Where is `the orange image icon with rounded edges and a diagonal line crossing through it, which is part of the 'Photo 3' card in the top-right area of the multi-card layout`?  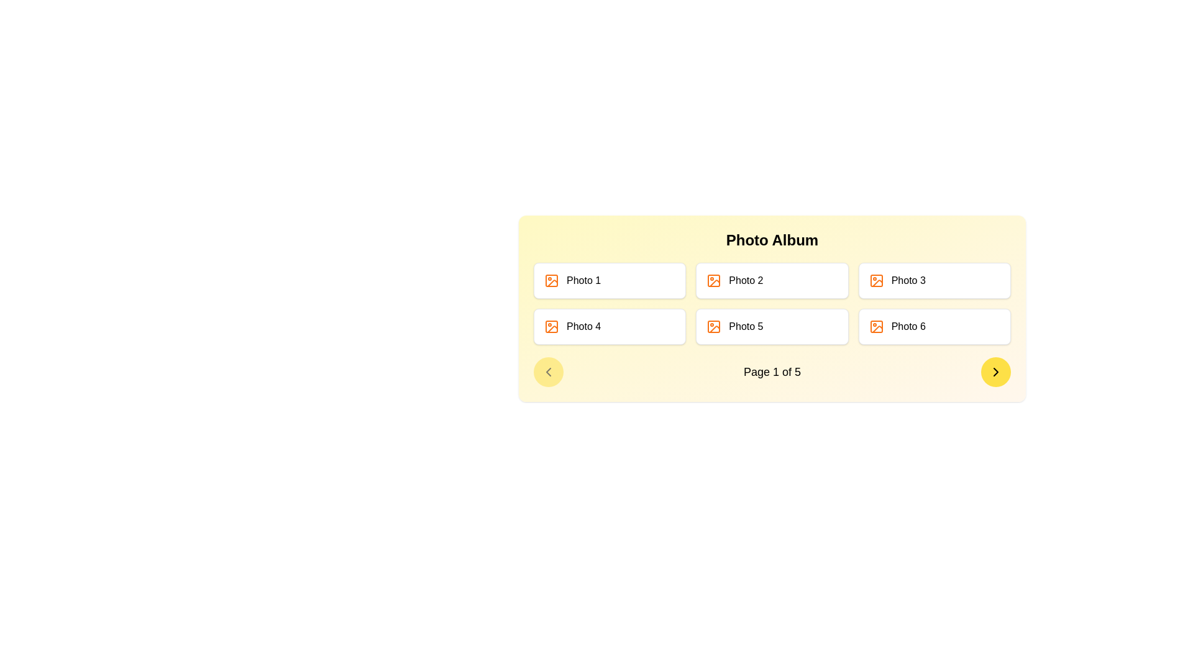
the orange image icon with rounded edges and a diagonal line crossing through it, which is part of the 'Photo 3' card in the top-right area of the multi-card layout is located at coordinates (875, 280).